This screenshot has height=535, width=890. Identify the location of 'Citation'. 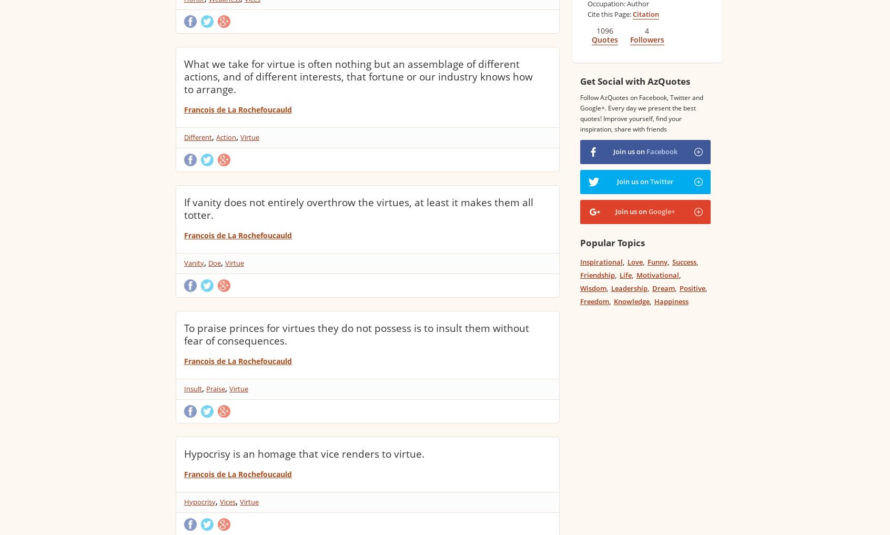
(645, 13).